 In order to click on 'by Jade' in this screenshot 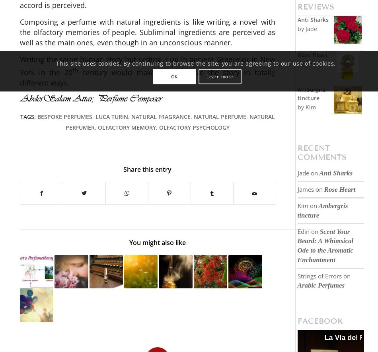, I will do `click(296, 28)`.